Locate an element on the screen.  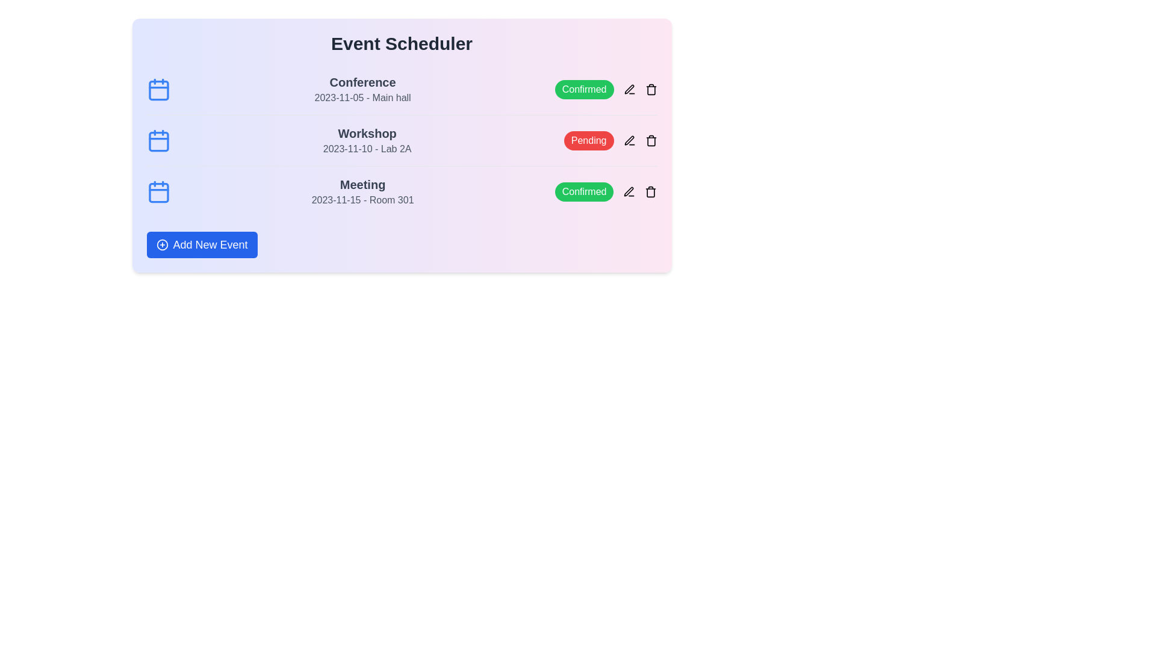
the non-interactive text label displaying the date and location associated with the 'Meeting' in the 'Event Scheduler' interface, located in the third row of the listed events section is located at coordinates (362, 199).